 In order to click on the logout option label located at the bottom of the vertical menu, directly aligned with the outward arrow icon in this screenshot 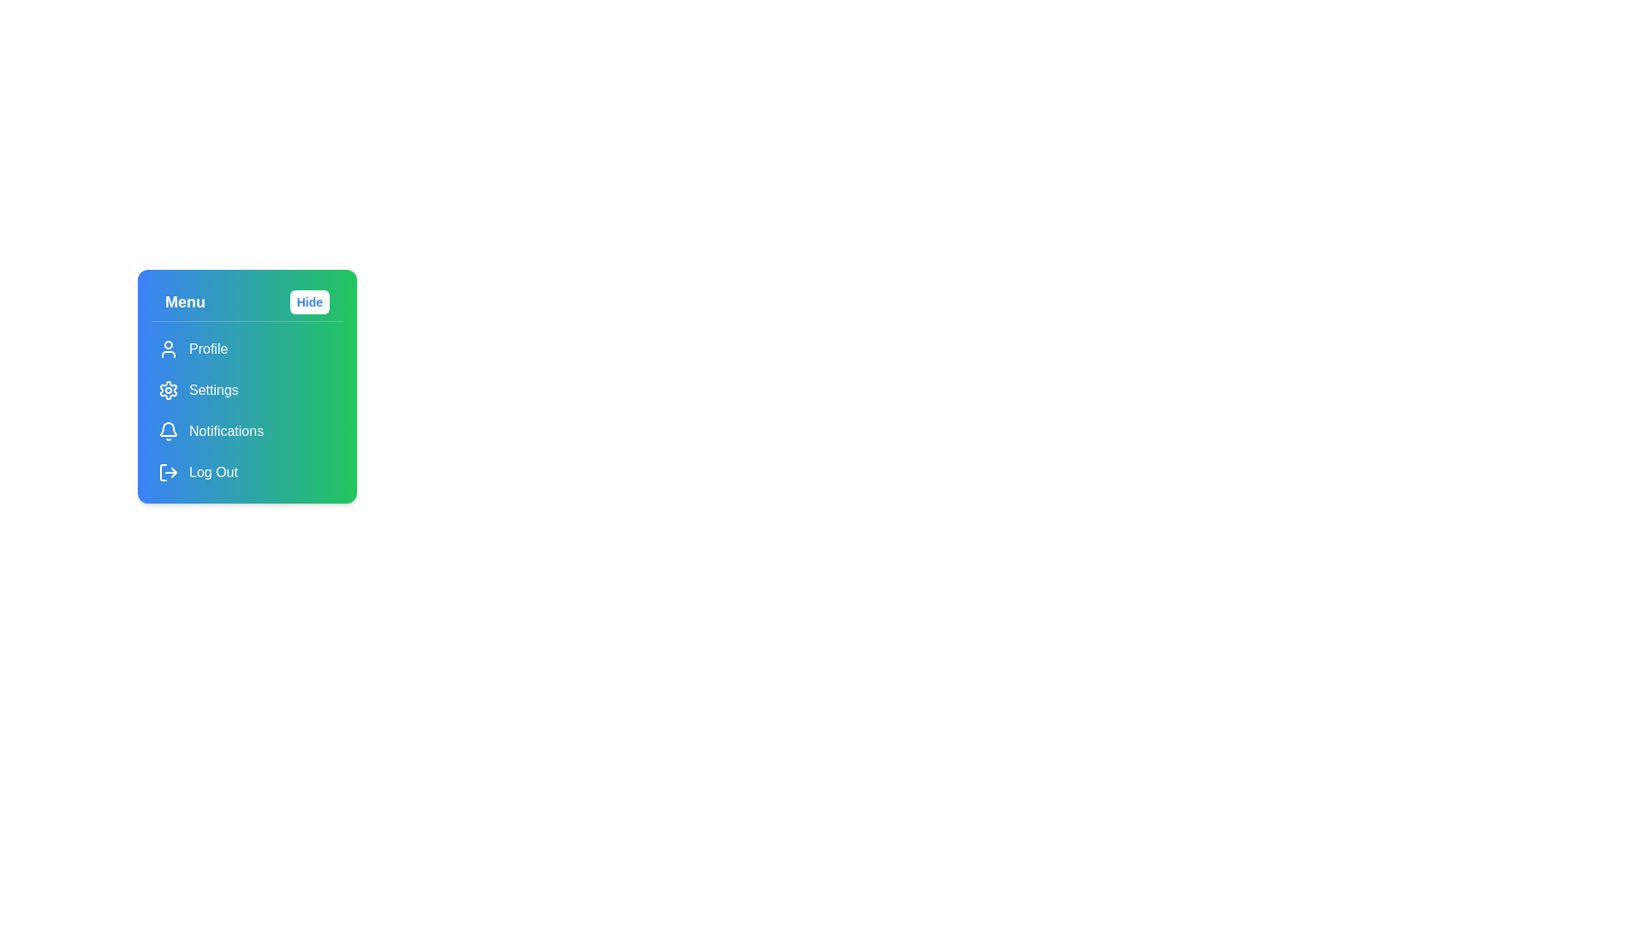, I will do `click(212, 472)`.